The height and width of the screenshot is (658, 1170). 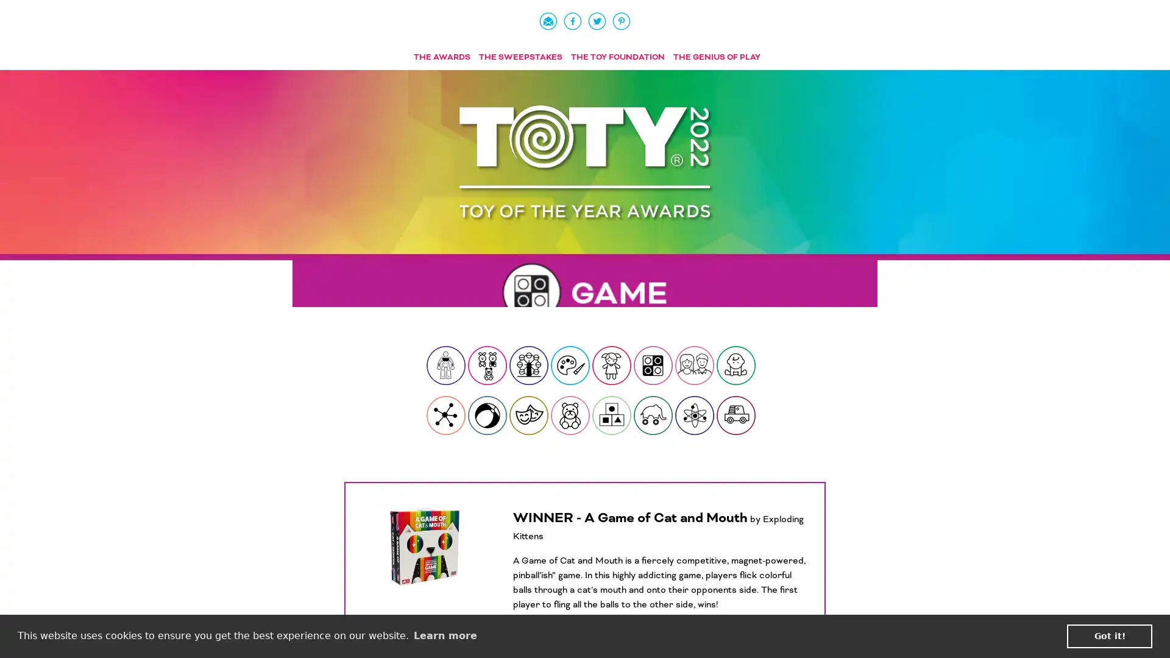 I want to click on Submit, so click(x=611, y=415).